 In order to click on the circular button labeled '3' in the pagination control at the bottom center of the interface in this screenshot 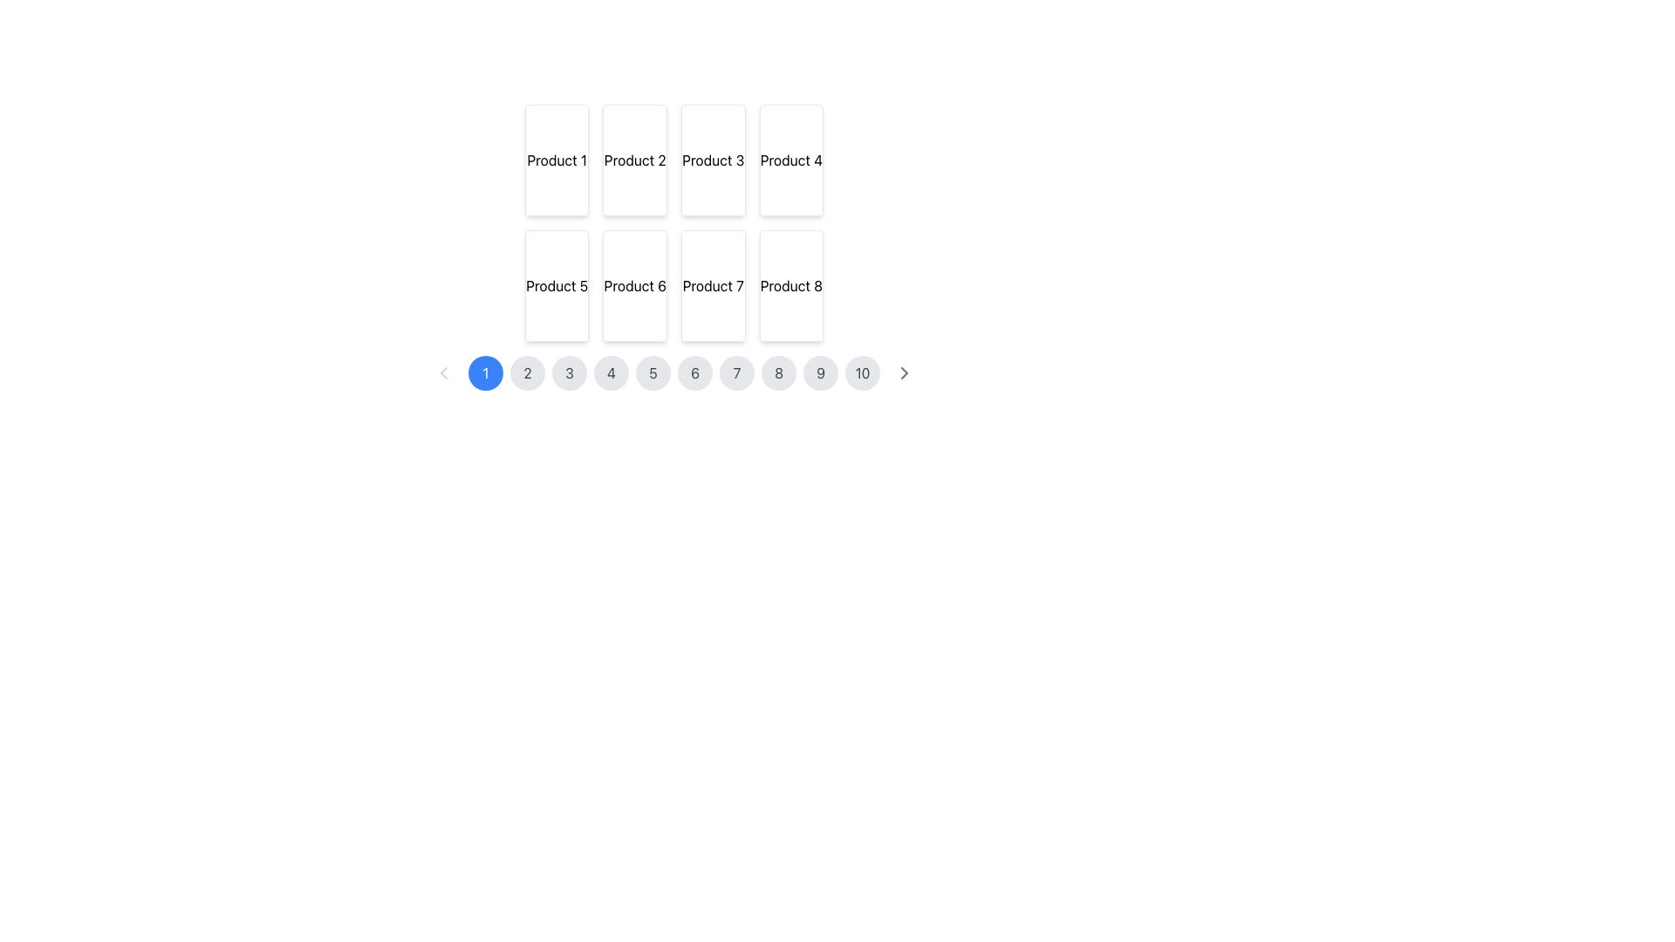, I will do `click(569, 372)`.